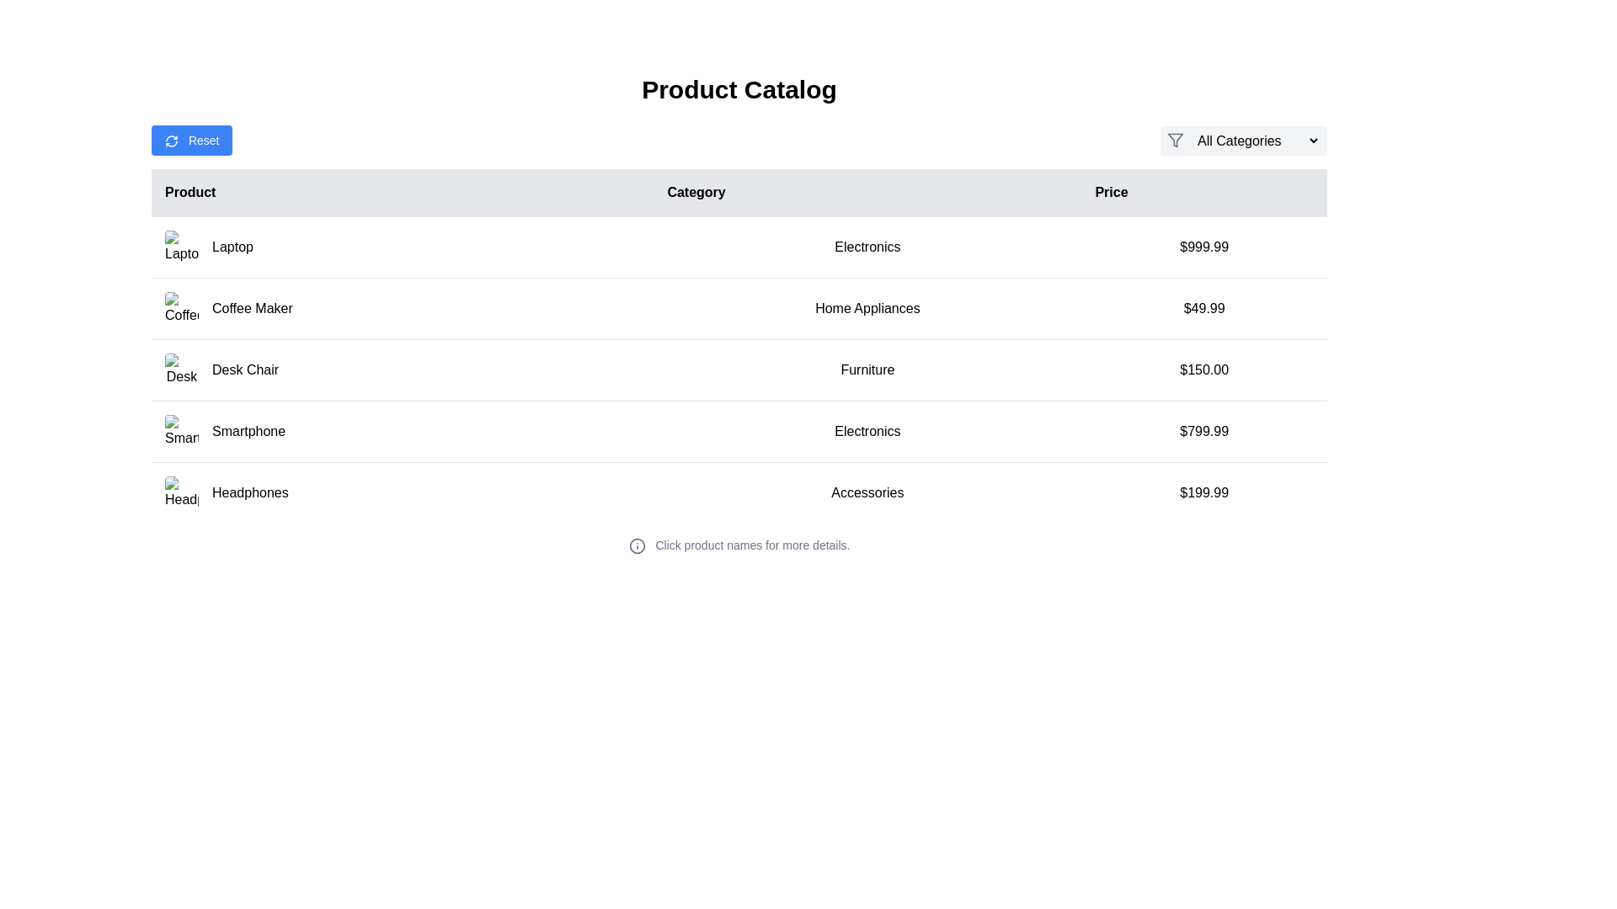 The image size is (1617, 909). Describe the element at coordinates (867, 308) in the screenshot. I see `the static text label displaying 'Home Appliances' located in the second row of the table under the 'Category' header` at that location.